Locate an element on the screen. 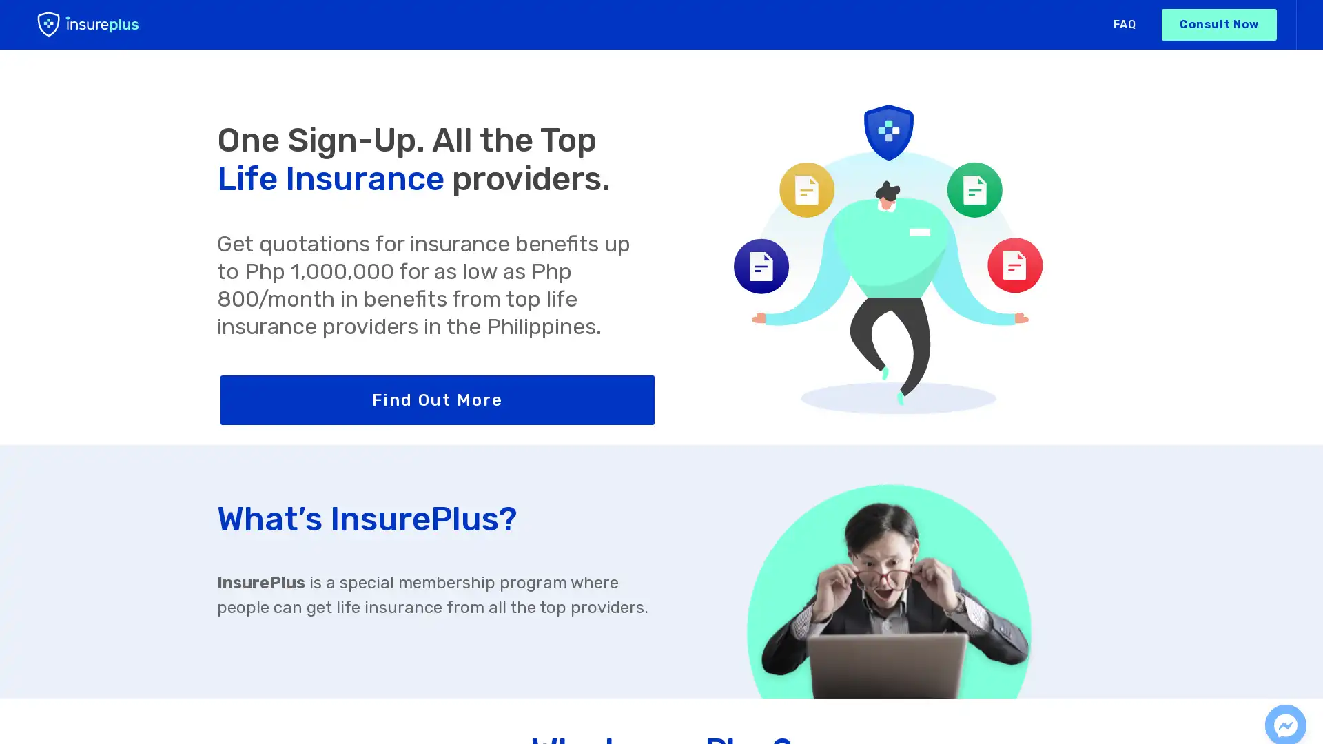  Find Out More is located at coordinates (436, 400).